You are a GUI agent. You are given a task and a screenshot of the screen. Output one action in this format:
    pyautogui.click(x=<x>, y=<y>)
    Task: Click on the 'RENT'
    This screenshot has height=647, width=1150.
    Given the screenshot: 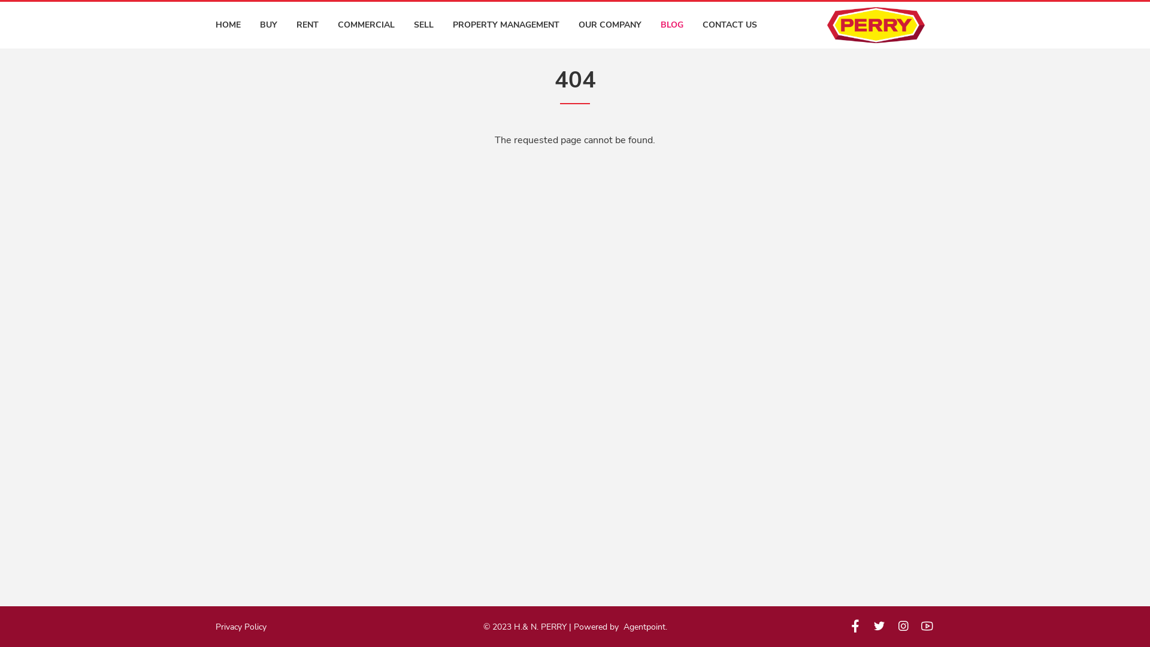 What is the action you would take?
    pyautogui.click(x=307, y=25)
    